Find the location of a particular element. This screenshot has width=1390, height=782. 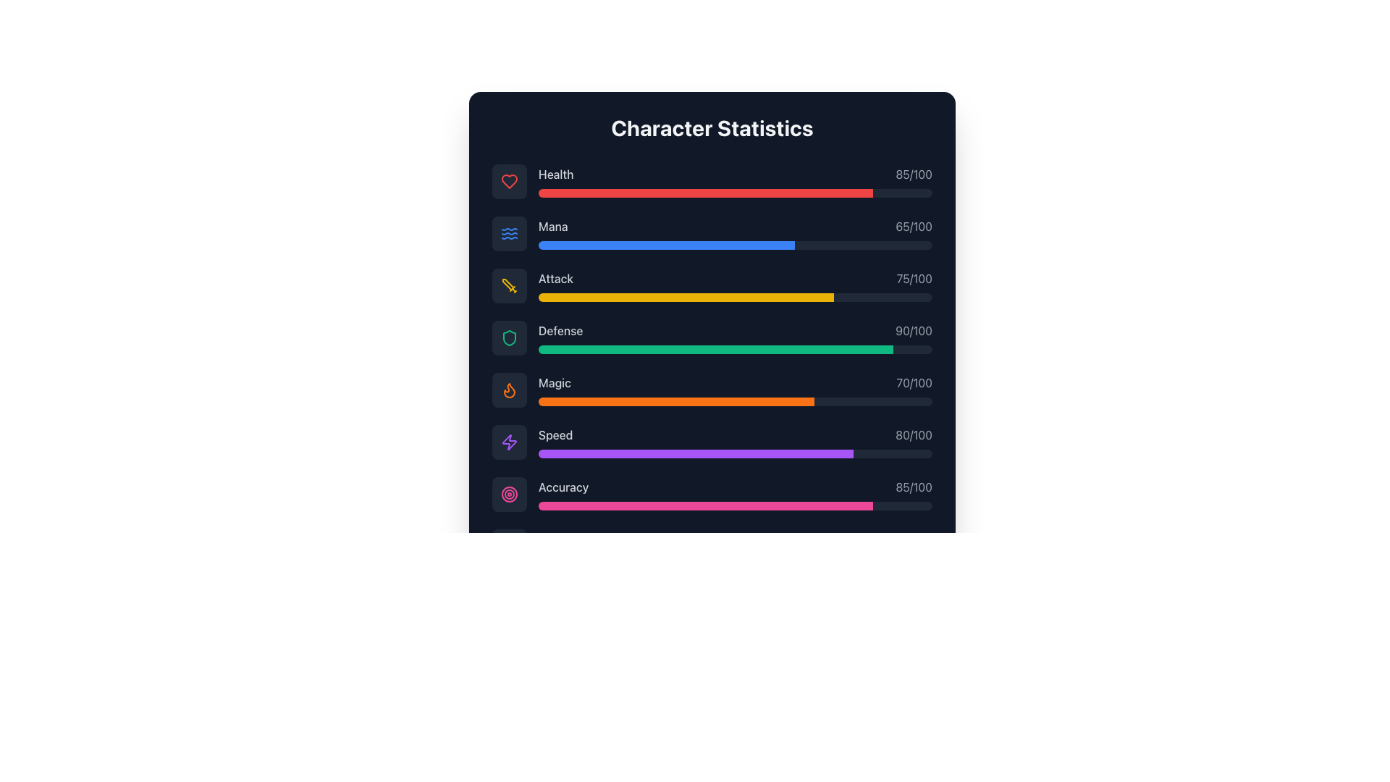

progress indicator representing the 'Accuracy' attribute in the character statistics, which is located below the 'Speed' statistic row is located at coordinates (736, 493).